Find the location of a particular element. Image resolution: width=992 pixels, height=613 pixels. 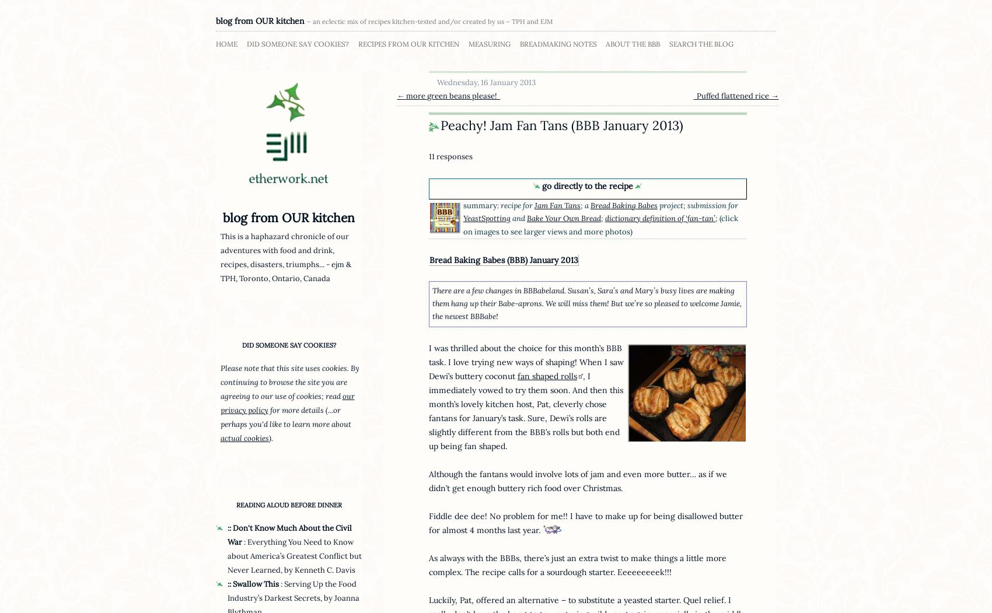

'Please note that this site uses cookies. By continuing to browse the site you are agreeing to our use of cookies; read' is located at coordinates (289, 382).